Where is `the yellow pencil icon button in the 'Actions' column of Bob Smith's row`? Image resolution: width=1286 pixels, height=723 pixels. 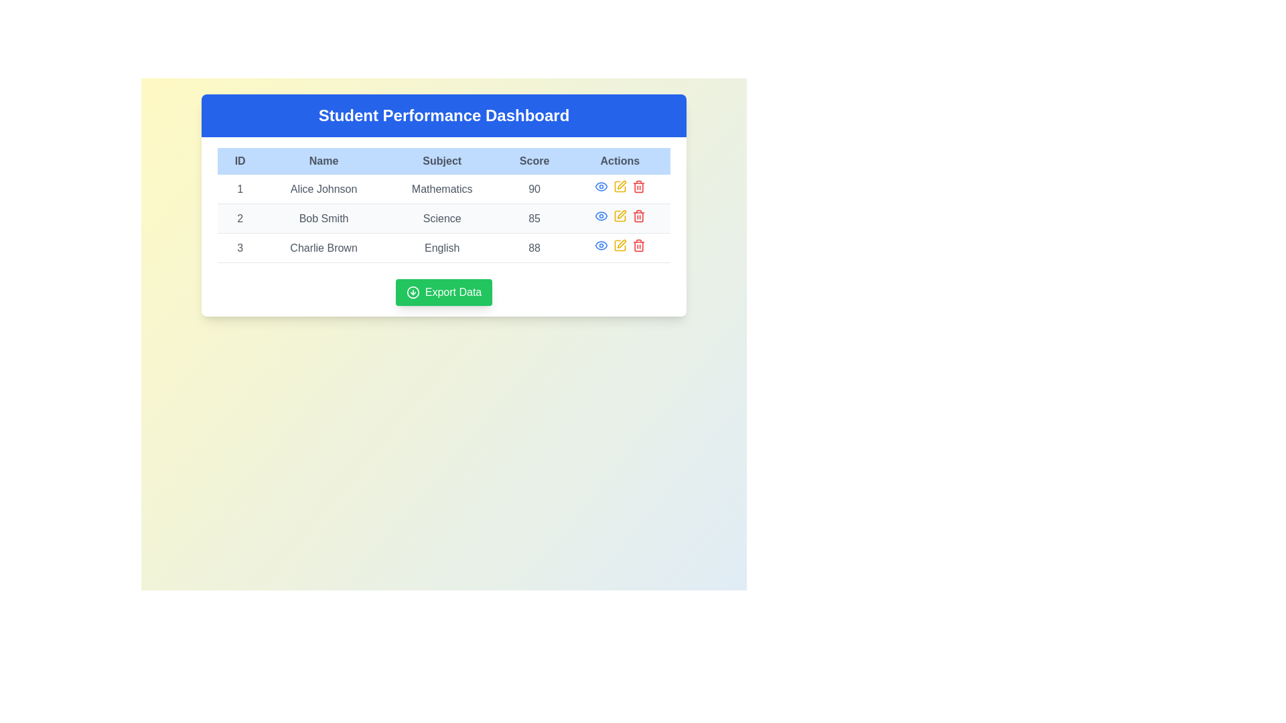 the yellow pencil icon button in the 'Actions' column of Bob Smith's row is located at coordinates (619, 218).